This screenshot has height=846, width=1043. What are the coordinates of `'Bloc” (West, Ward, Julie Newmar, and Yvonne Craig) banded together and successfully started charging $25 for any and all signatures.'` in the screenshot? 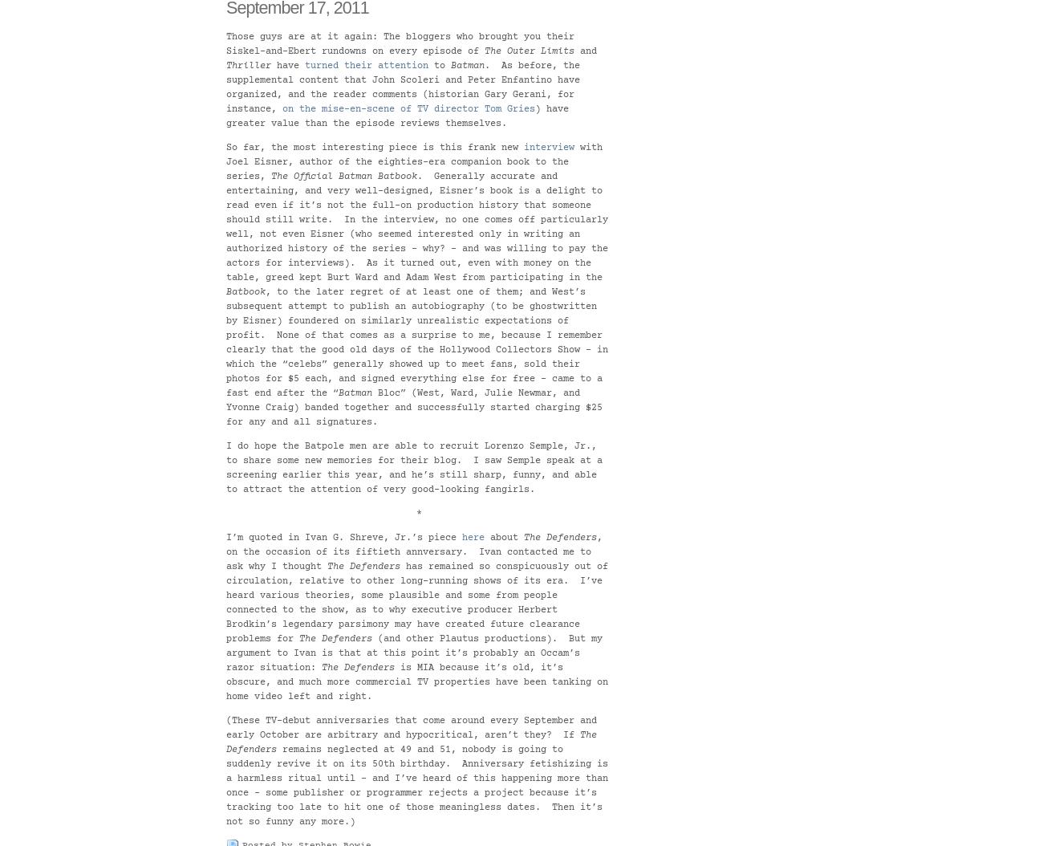 It's located at (414, 407).